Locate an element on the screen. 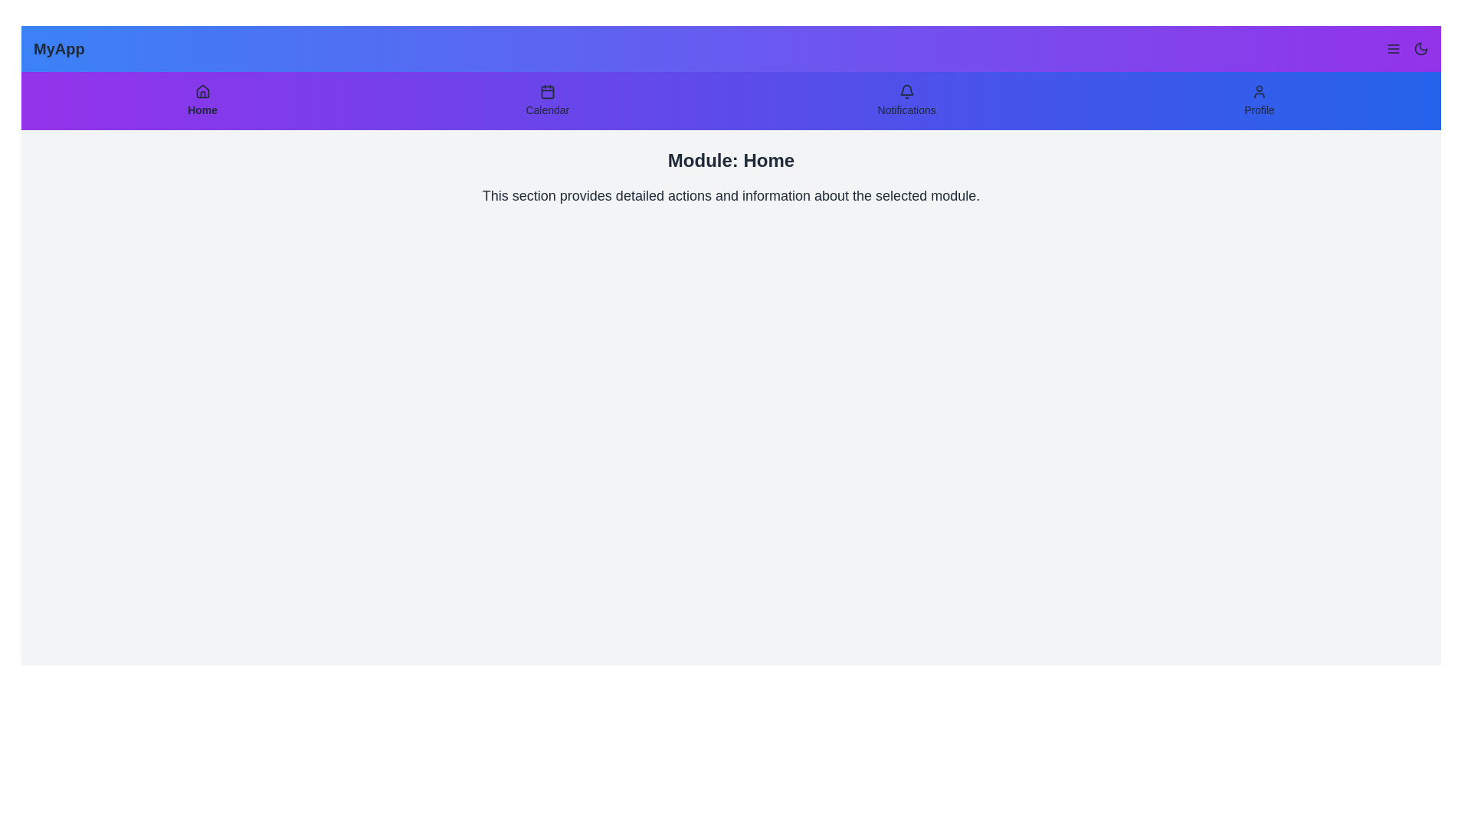 Image resolution: width=1471 pixels, height=827 pixels. dark mode toggle button located in the top-right corner of the app bar is located at coordinates (1420, 48).